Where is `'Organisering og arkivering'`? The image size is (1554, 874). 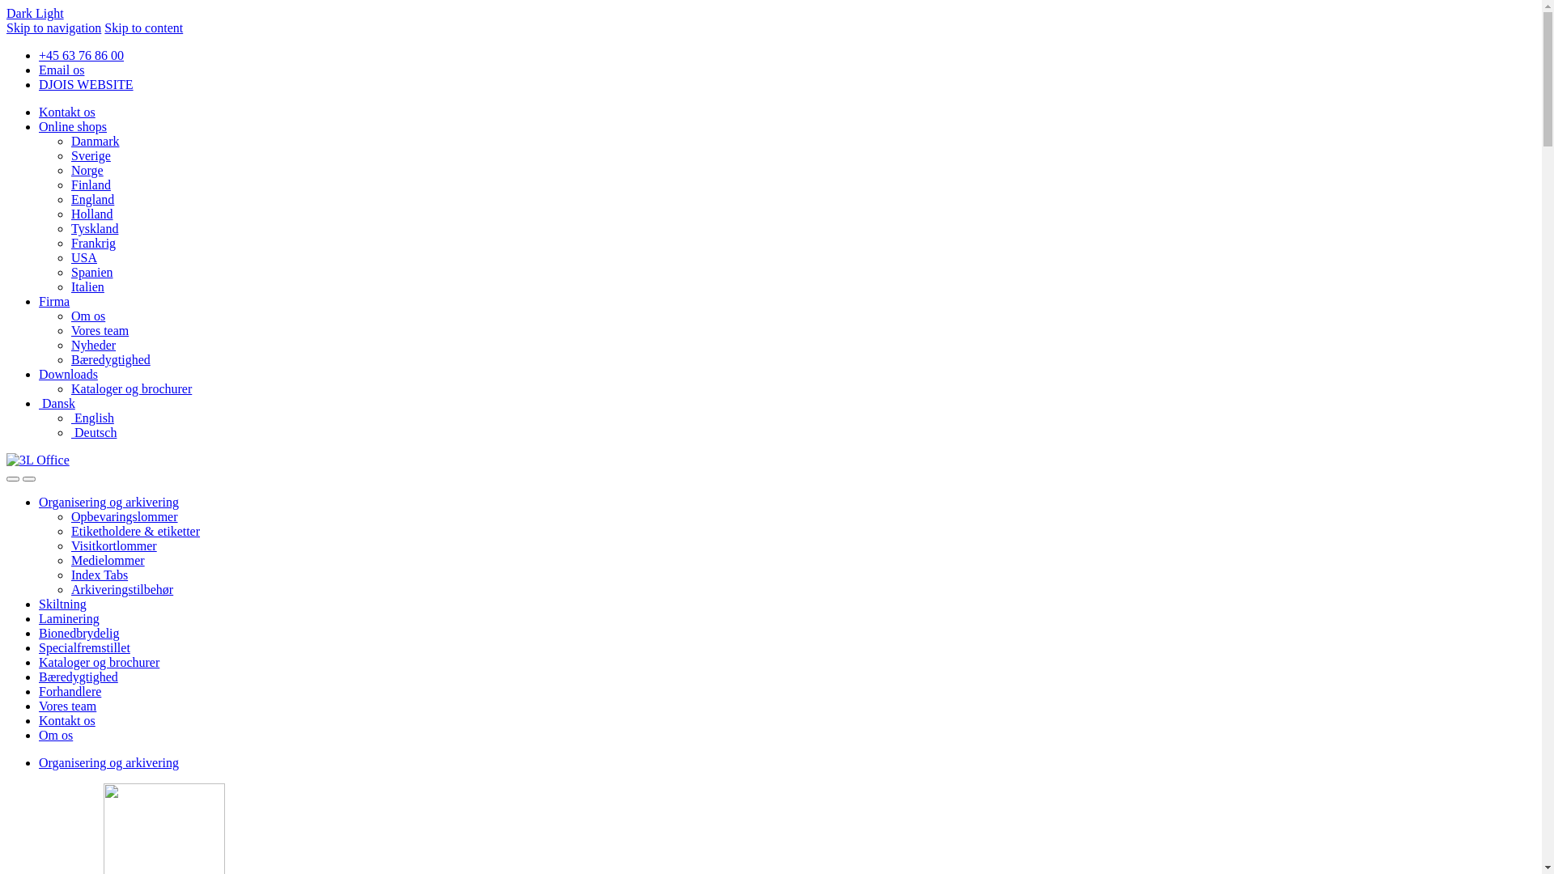 'Organisering og arkivering' is located at coordinates (108, 762).